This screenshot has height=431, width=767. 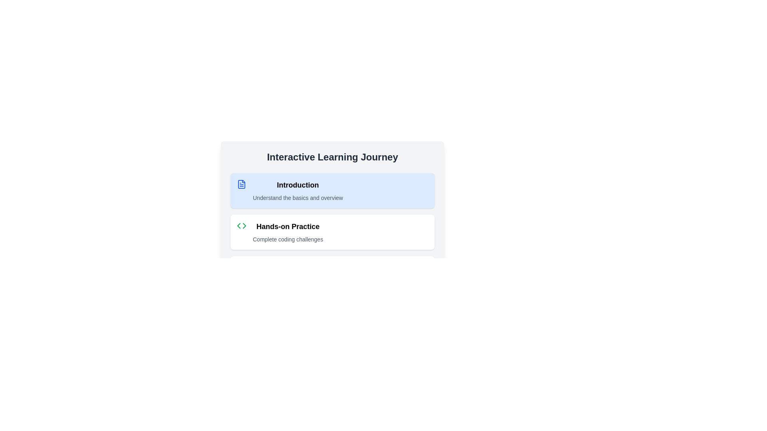 I want to click on the green code symbol icon located in the 'Hands-on Practice' entry under the 'Interactive Learning Journey' header for visual identification, so click(x=241, y=226).